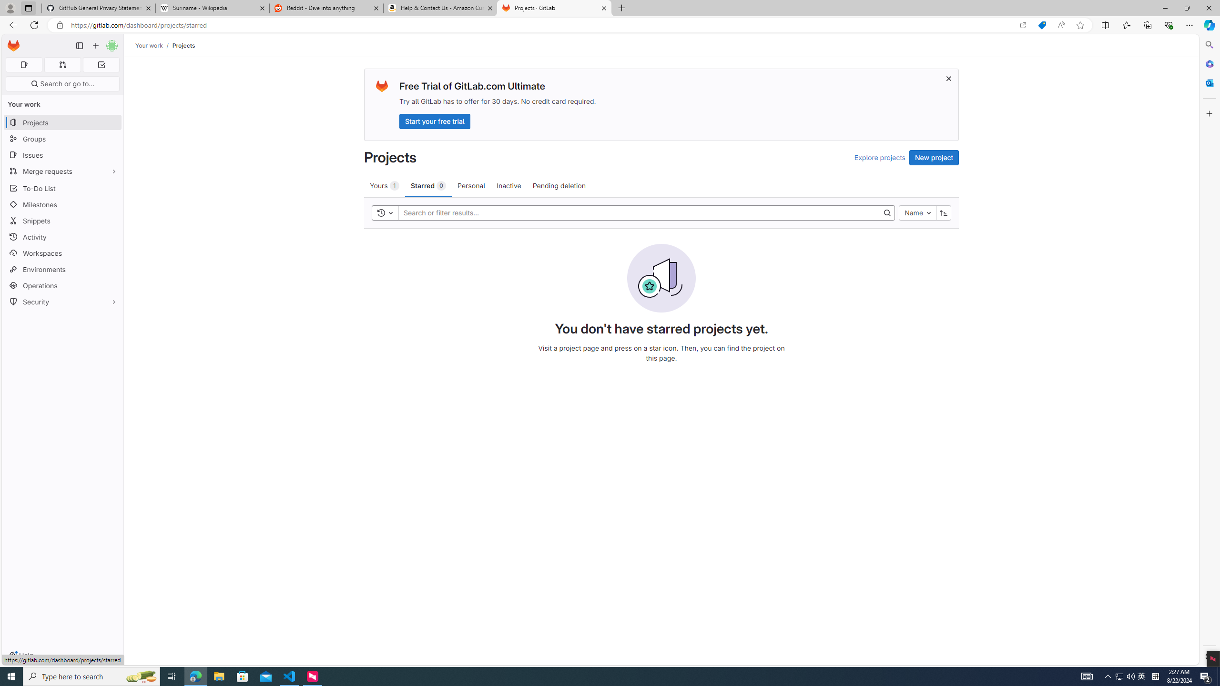 This screenshot has width=1220, height=686. What do you see at coordinates (385, 213) in the screenshot?
I see `'Toggle history'` at bounding box center [385, 213].